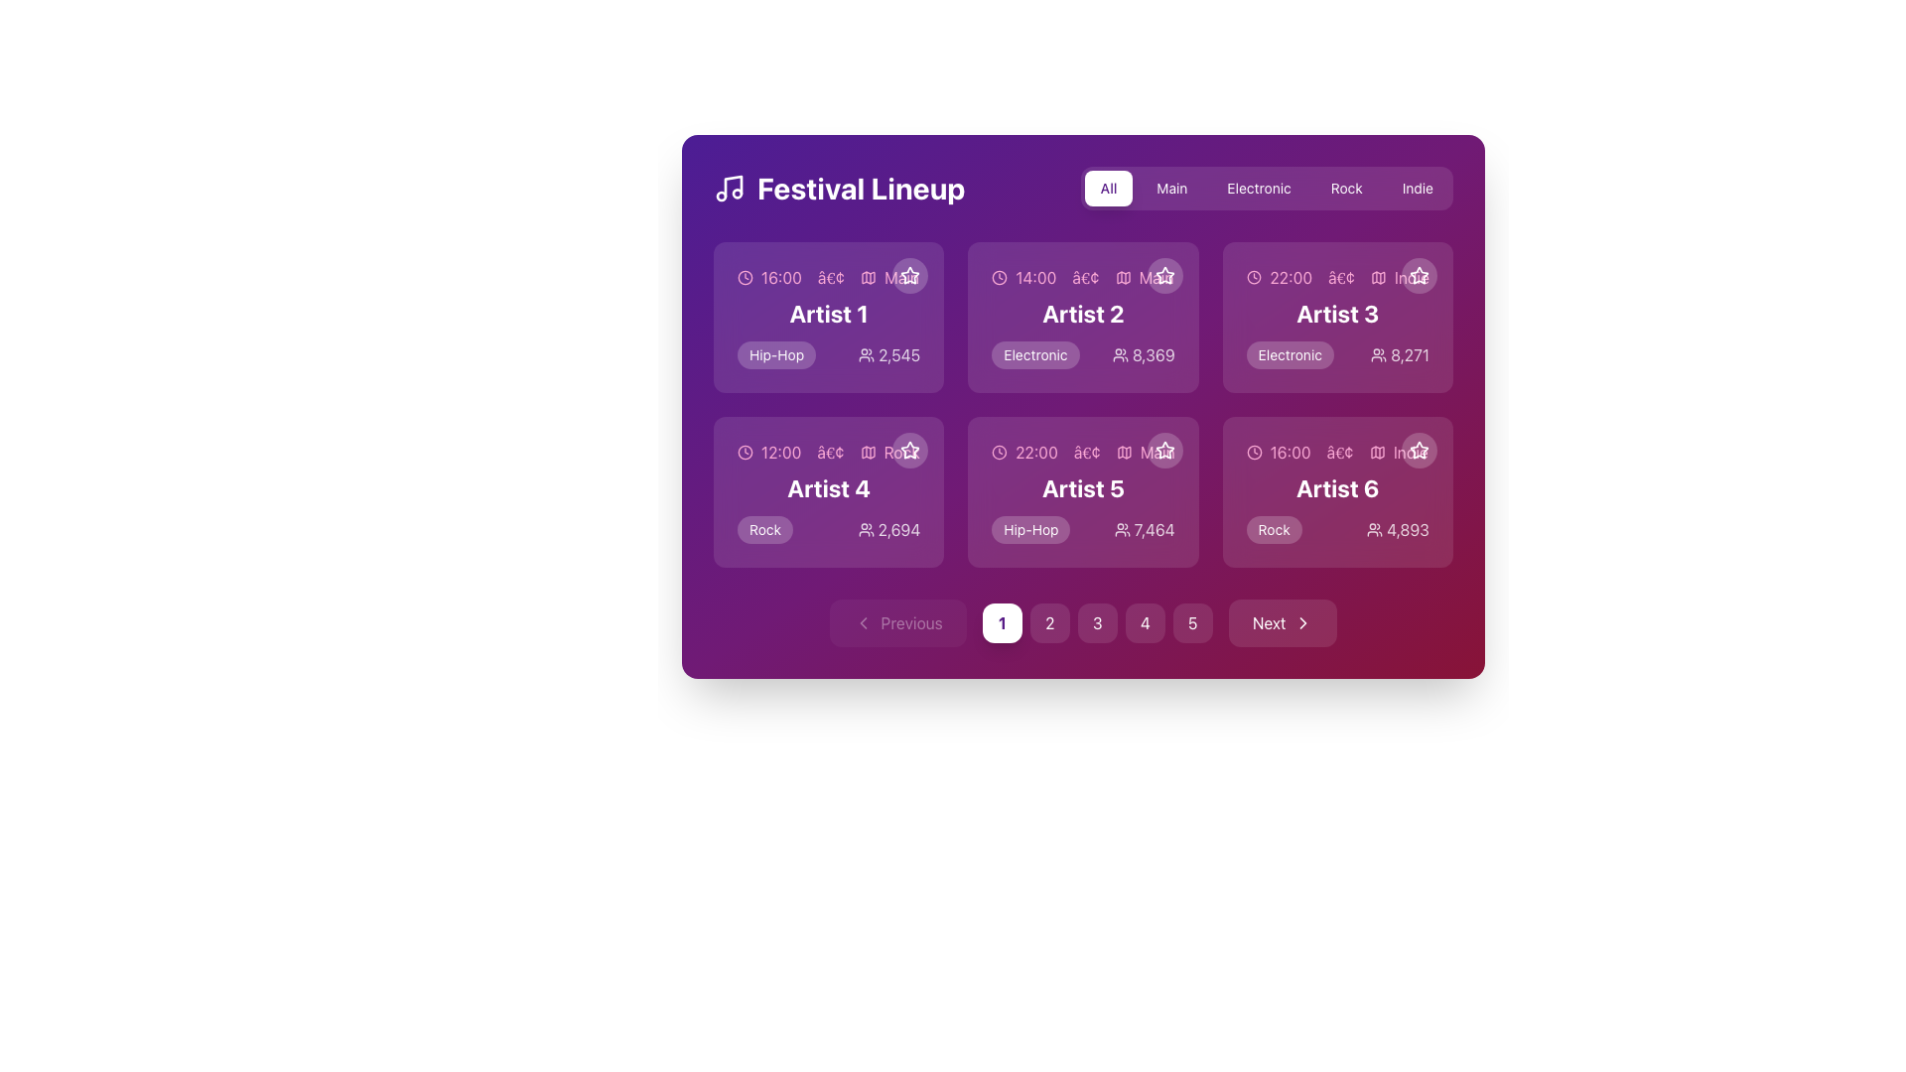 This screenshot has height=1072, width=1906. Describe the element at coordinates (1096, 622) in the screenshot. I see `the circular button displaying the number '3', which is positioned between the buttons labeled '2' and '4' at the bottom of the interface` at that location.